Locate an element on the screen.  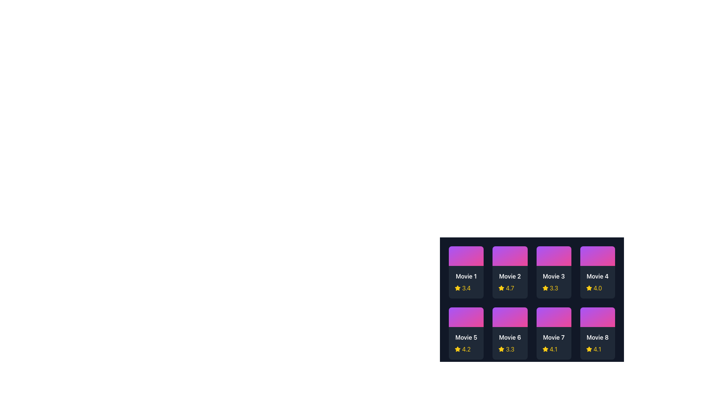
the text and icon group of the second card in the first row of the movie card grid, which displays the name and rating of a movie is located at coordinates (510, 282).